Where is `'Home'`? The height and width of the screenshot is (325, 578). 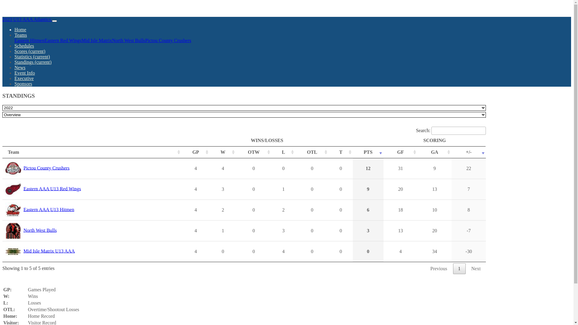 'Home' is located at coordinates (14, 29).